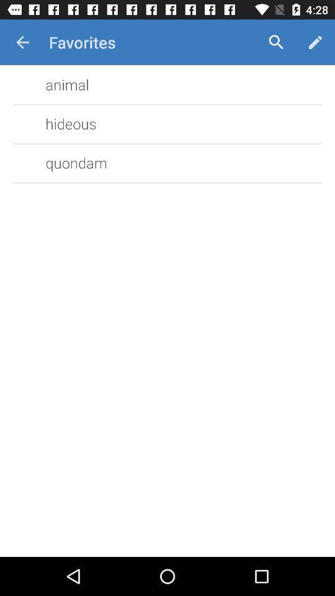  Describe the element at coordinates (276, 42) in the screenshot. I see `the icon to the right of the favorites item` at that location.